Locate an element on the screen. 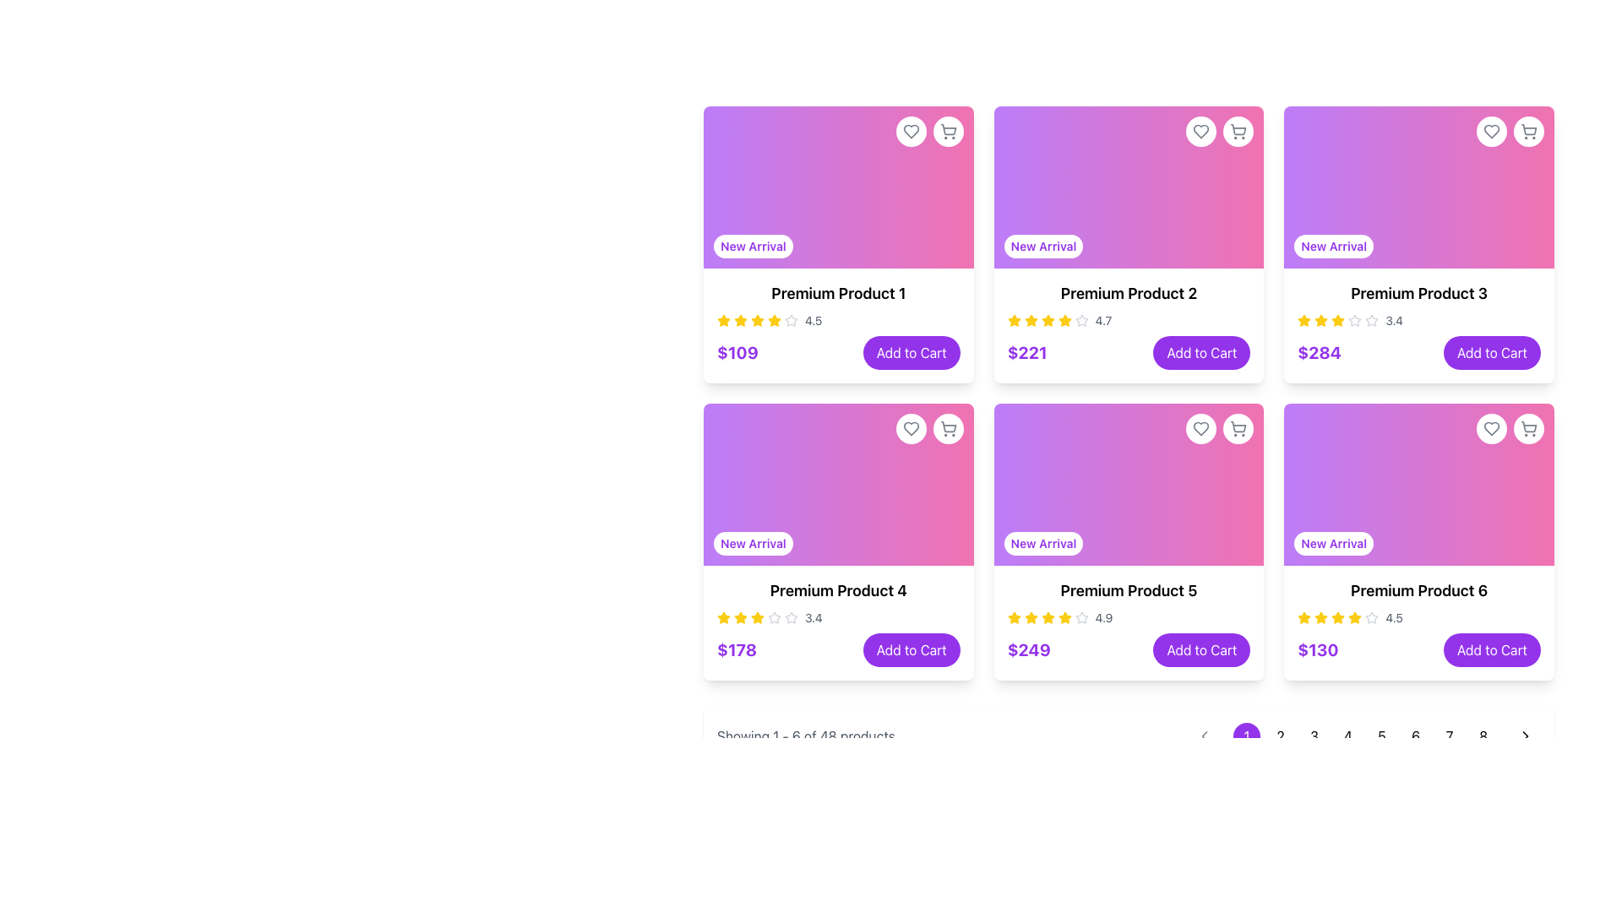 The width and height of the screenshot is (1622, 912). the leftmost yellow star icon in the rating section of the 'Premium Product 3' card, which is styled with sharp corners and indicates a rating of 3.4 is located at coordinates (1304, 321).